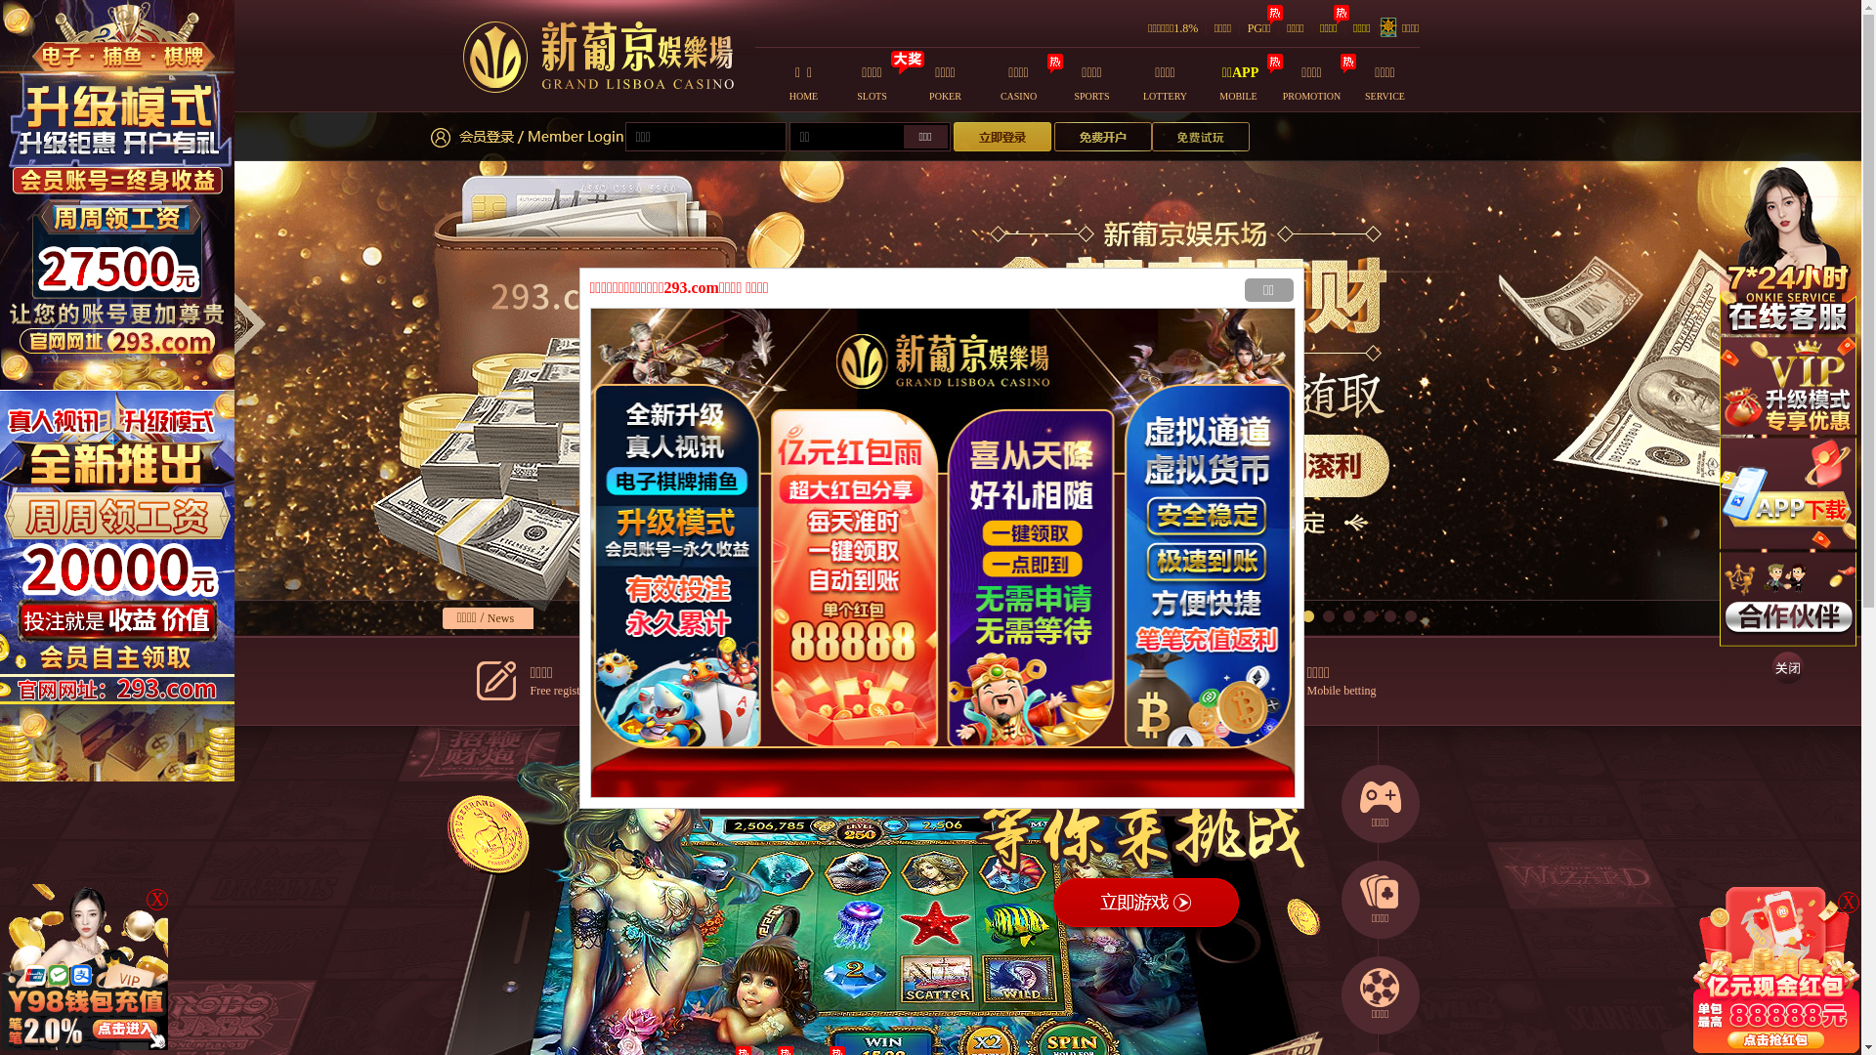 The width and height of the screenshot is (1876, 1055). What do you see at coordinates (1847, 903) in the screenshot?
I see `'X'` at bounding box center [1847, 903].